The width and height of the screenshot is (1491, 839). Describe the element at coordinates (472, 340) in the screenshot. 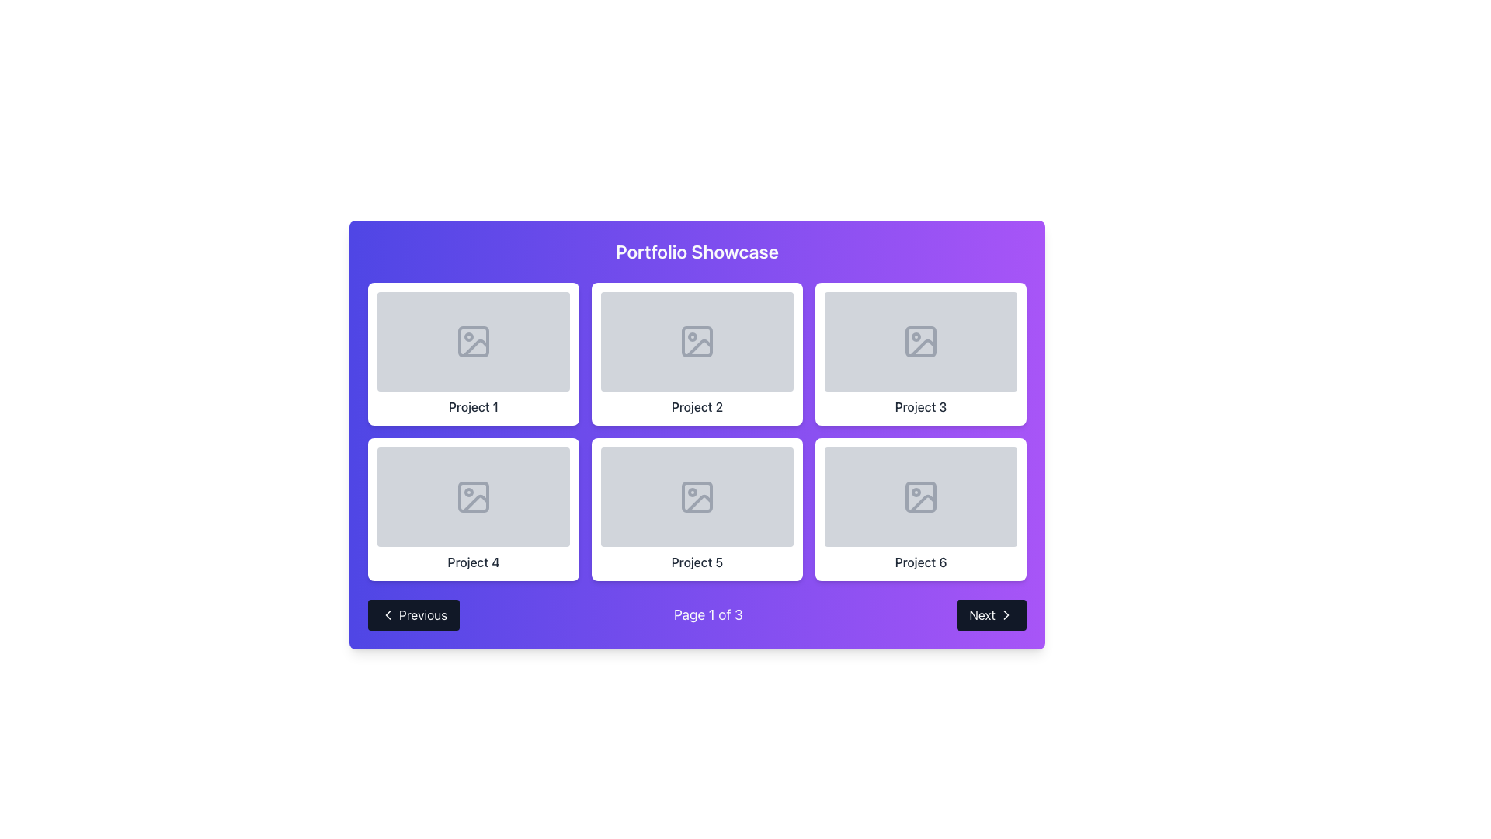

I see `the image placeholder icon located in the top-half center of the 'Project 1' card` at that location.